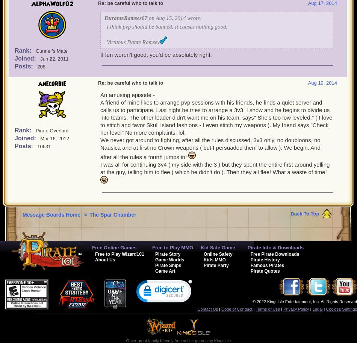 Image resolution: width=357 pixels, height=343 pixels. Describe the element at coordinates (164, 307) in the screenshot. I see `'EV SSL'` at that location.